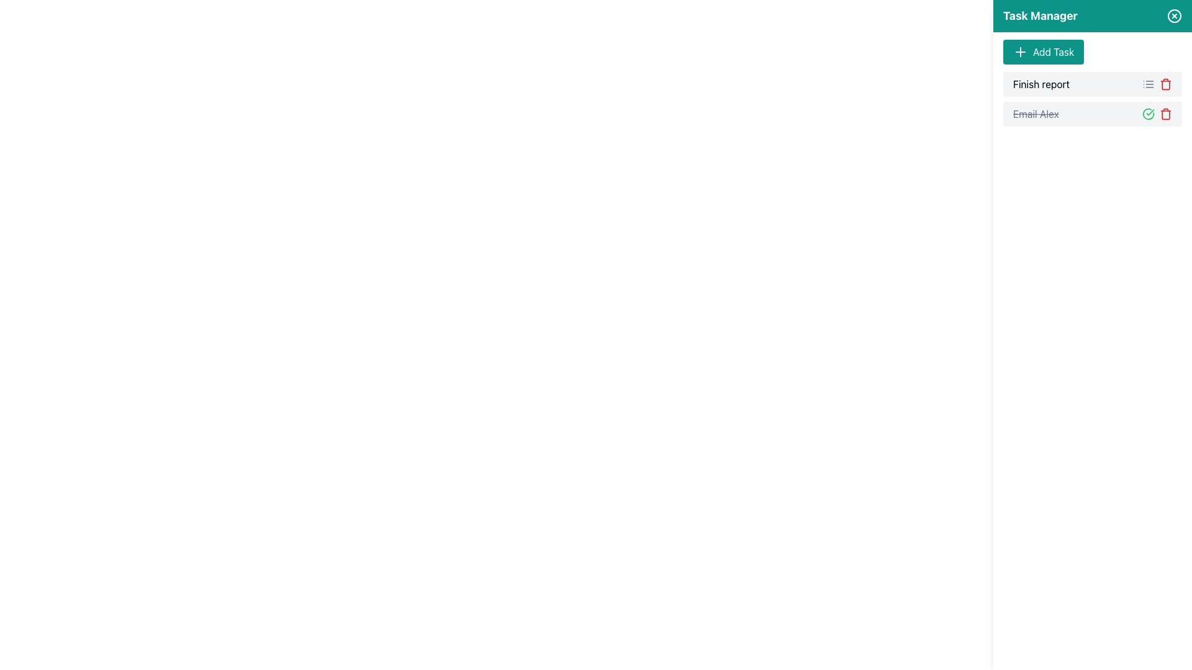  I want to click on the red trash can icon, so click(1165, 114).